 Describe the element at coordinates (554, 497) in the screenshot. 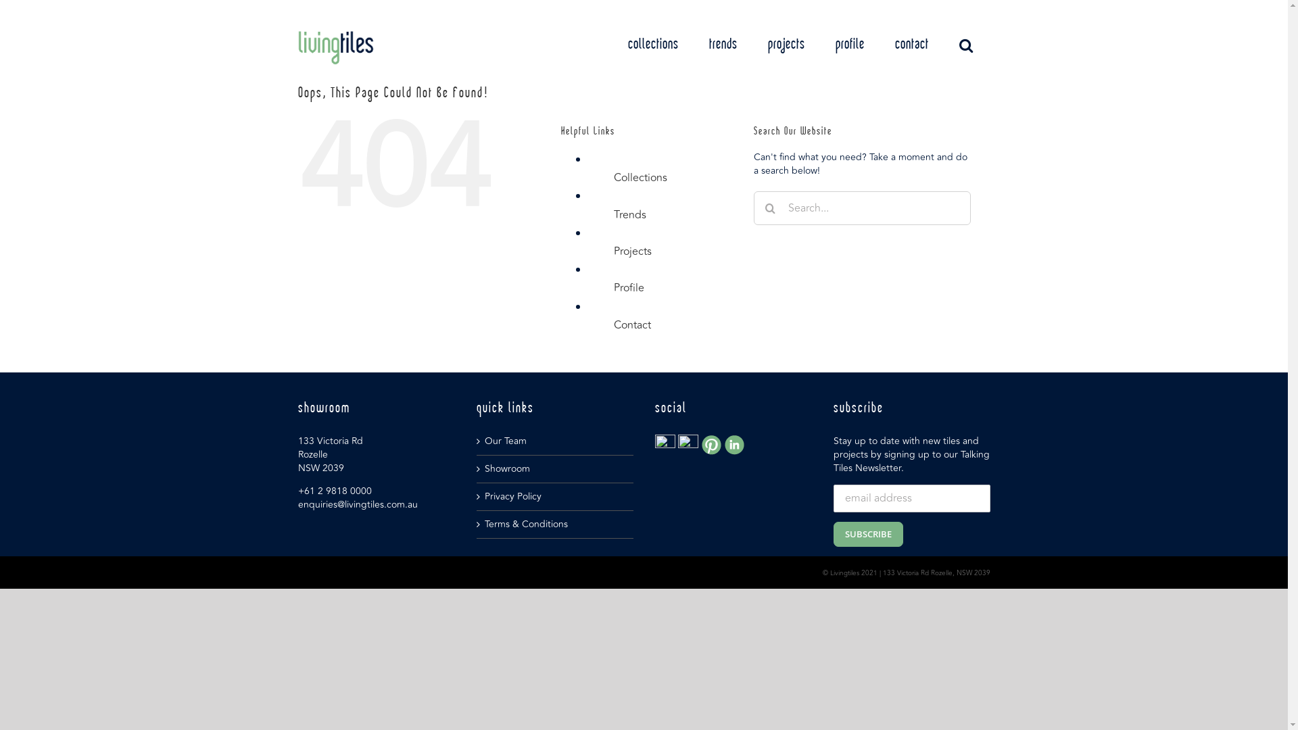

I see `'Privacy Policy'` at that location.